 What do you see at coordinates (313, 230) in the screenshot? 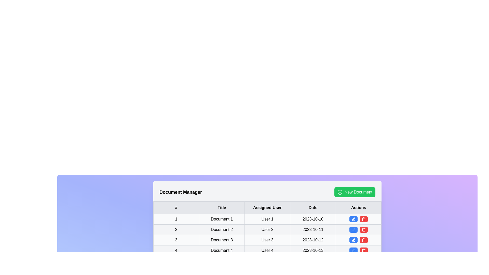
I see `the static text element displaying the date '2023-10-11' located in the fourth column of the second row of the data table under the header 'Date'` at bounding box center [313, 230].